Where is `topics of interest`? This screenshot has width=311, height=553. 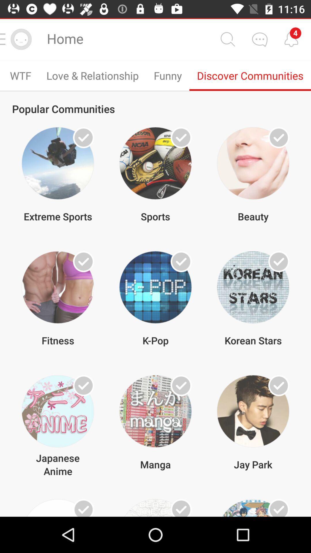
topics of interest is located at coordinates (181, 261).